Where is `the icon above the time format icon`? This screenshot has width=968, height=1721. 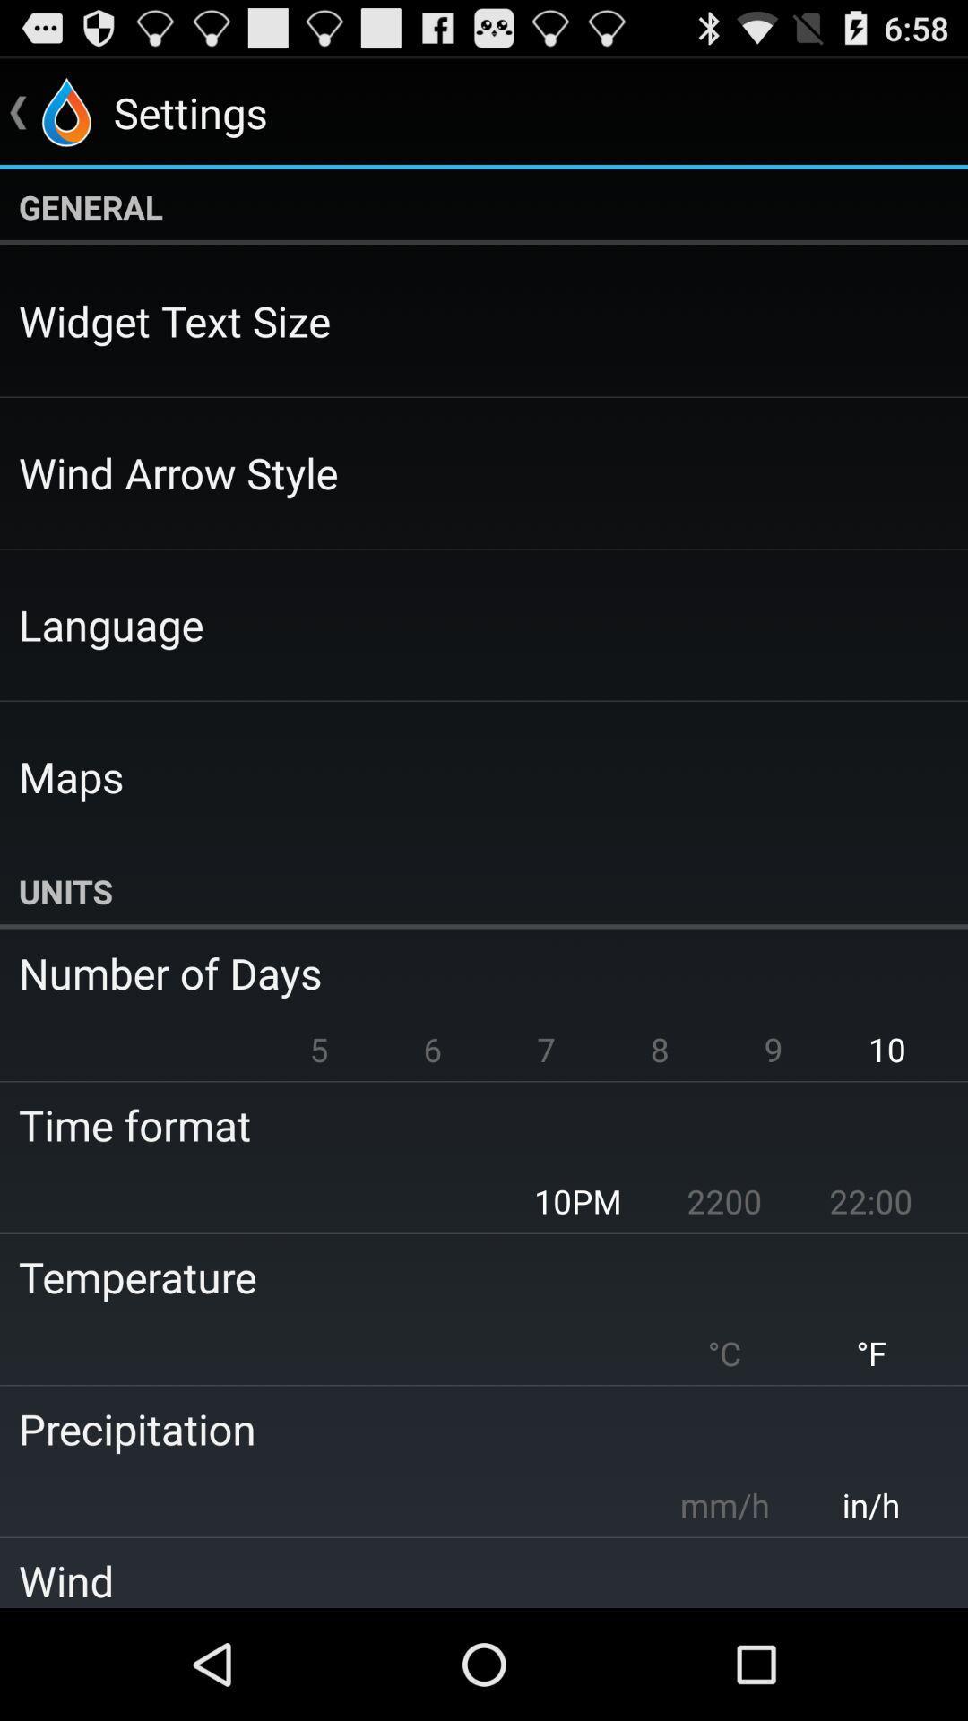 the icon above the time format icon is located at coordinates (318, 1049).